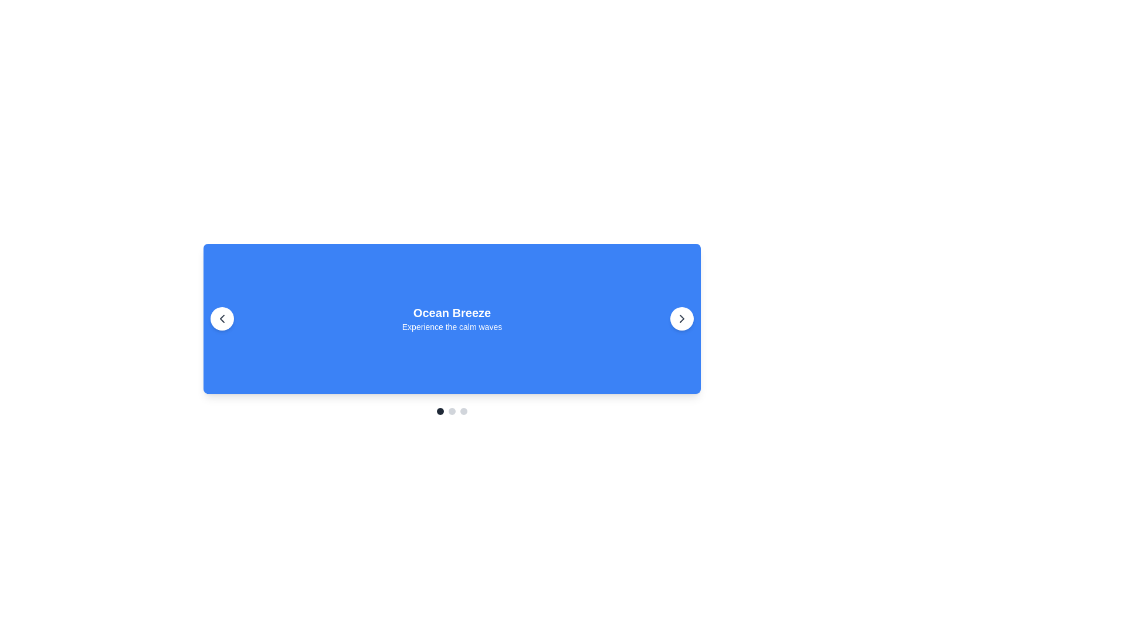  Describe the element at coordinates (452, 411) in the screenshot. I see `the second circular Carousel navigation dot located below the blue panel with the text 'Ocean Breeze Experience the calm waves' for visual feedback` at that location.